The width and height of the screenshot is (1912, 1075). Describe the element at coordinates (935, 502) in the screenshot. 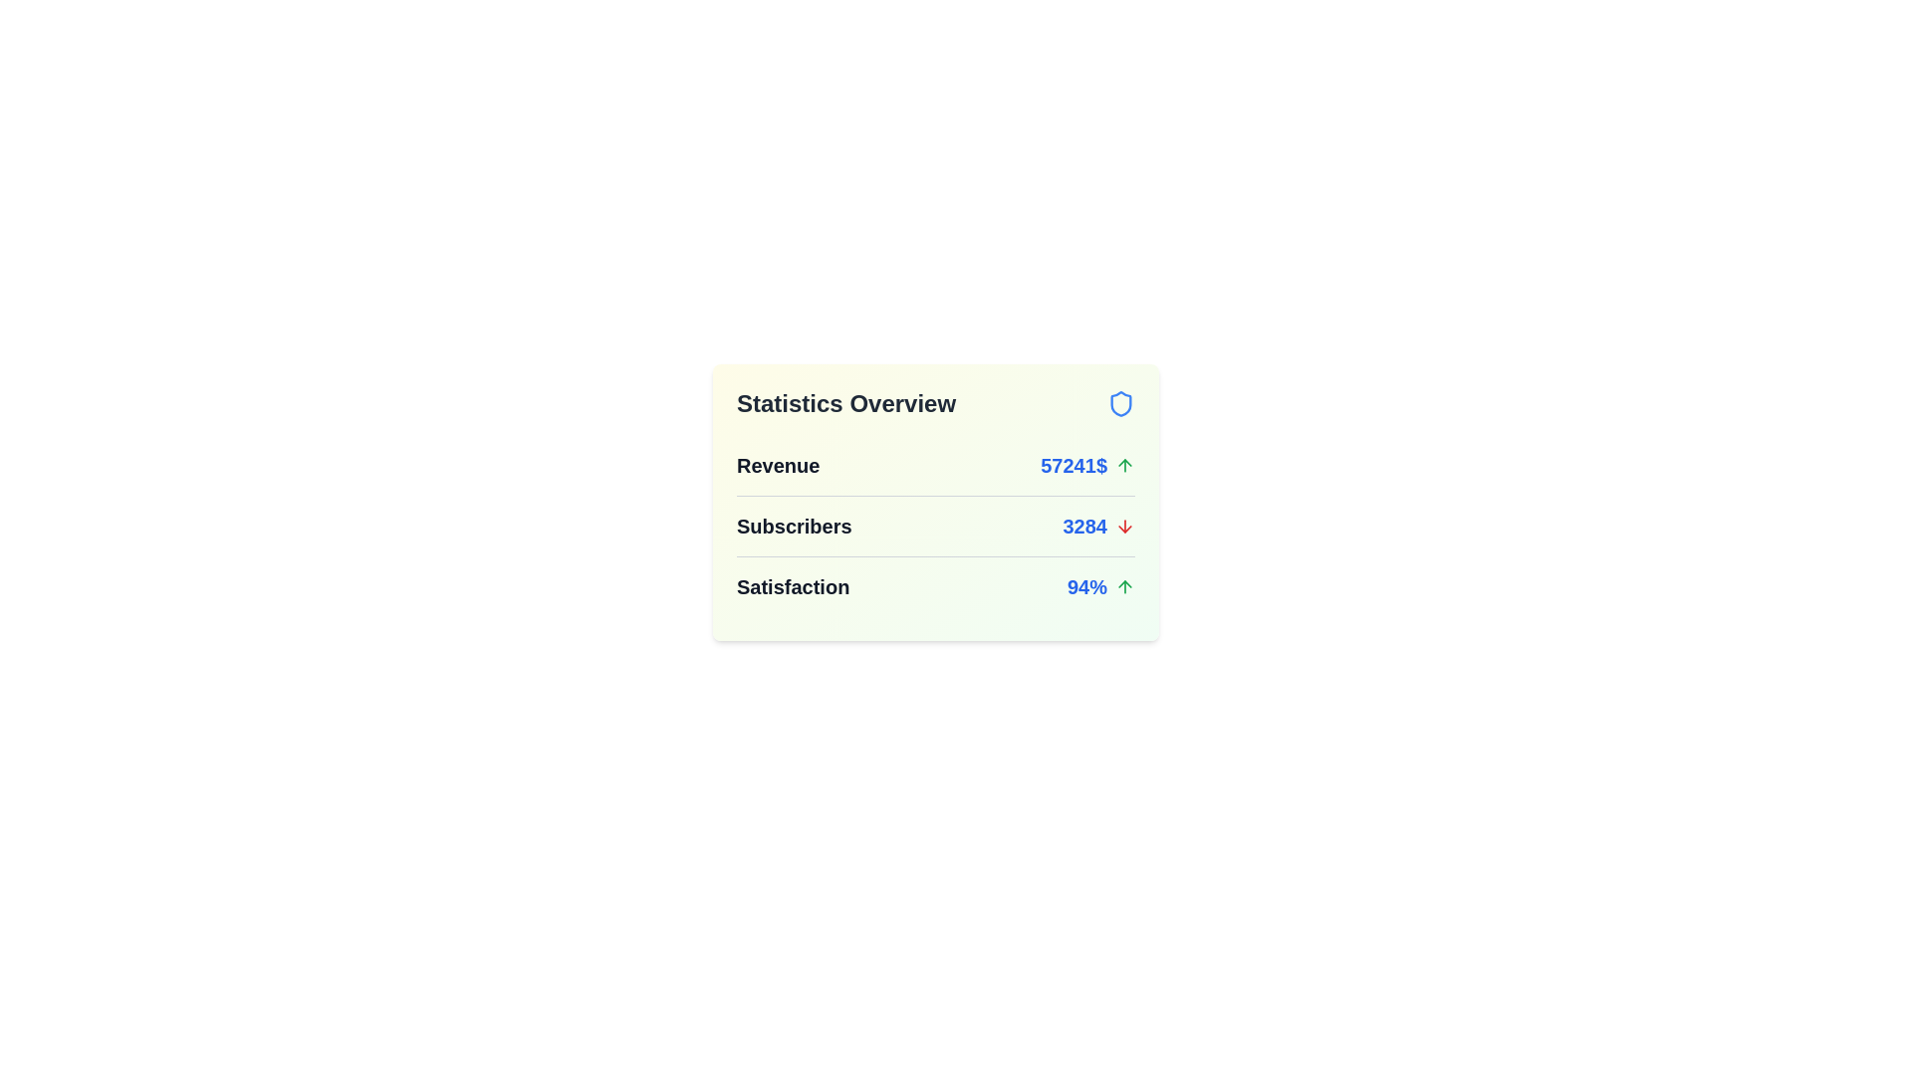

I see `the DataStatisticsList component to enable keyboard navigation` at that location.